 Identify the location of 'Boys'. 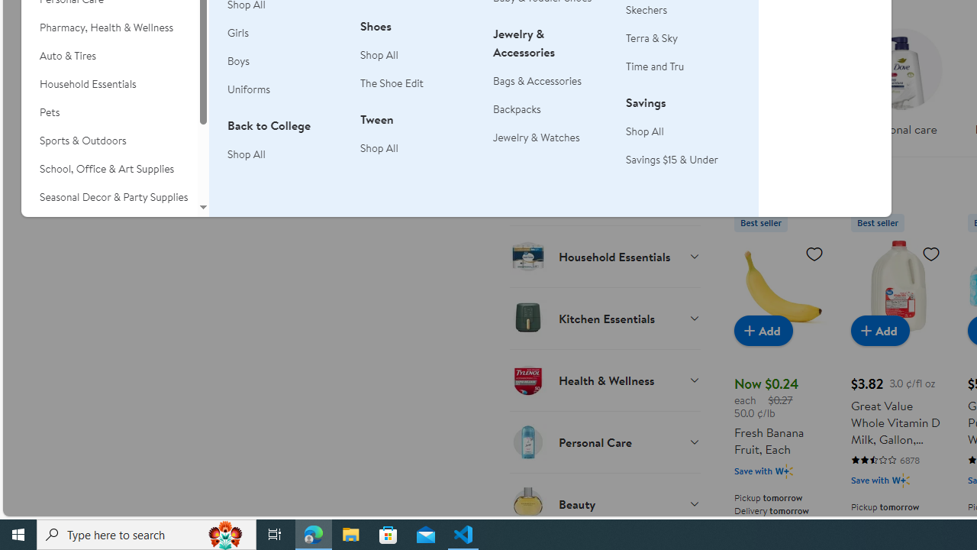
(237, 60).